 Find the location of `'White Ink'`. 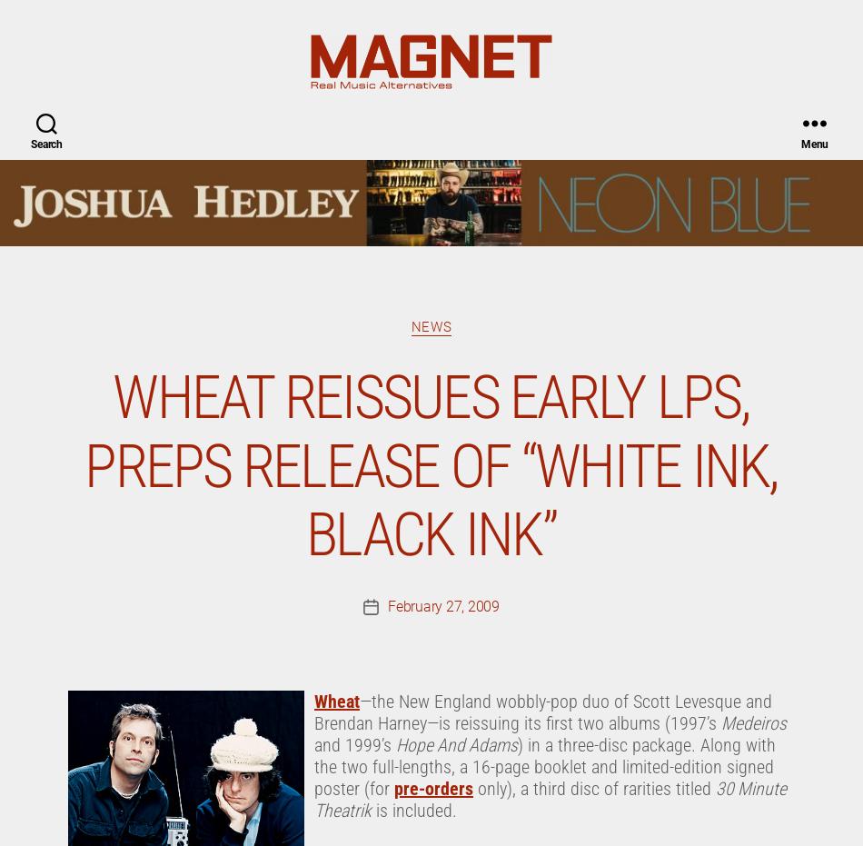

'White Ink' is located at coordinates (77, 344).